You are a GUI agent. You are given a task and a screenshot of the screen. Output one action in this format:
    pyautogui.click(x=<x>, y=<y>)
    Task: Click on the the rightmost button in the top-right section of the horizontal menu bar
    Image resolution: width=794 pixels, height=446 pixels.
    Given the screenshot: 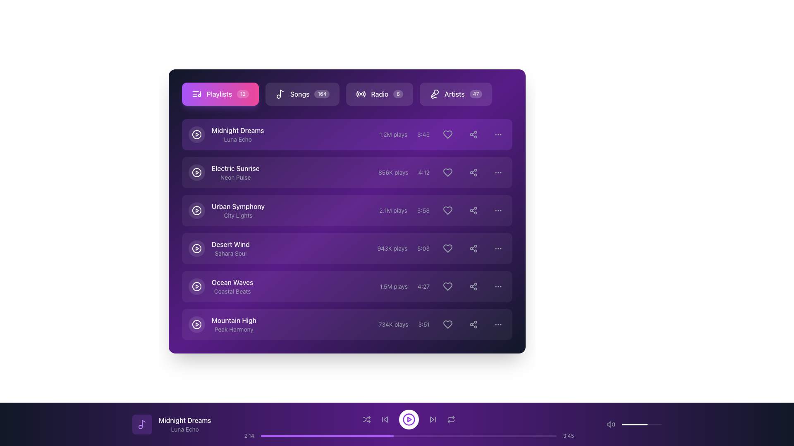 What is the action you would take?
    pyautogui.click(x=455, y=93)
    